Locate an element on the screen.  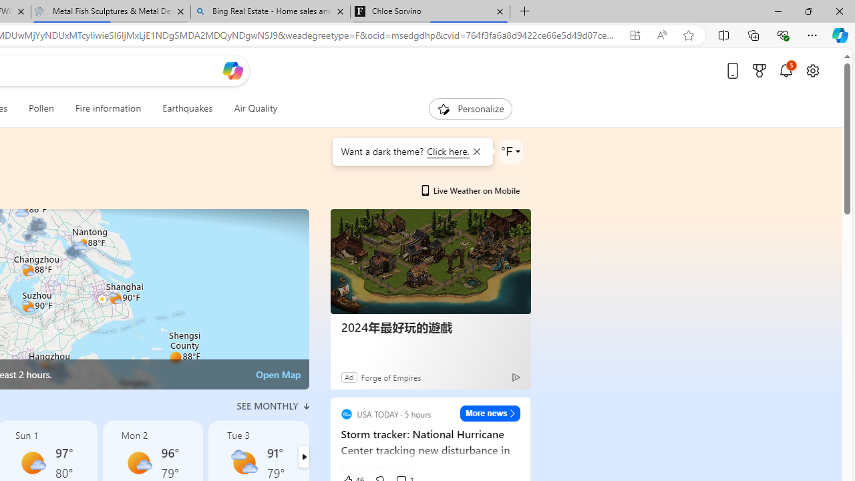
'App available. Install Microsoft Start Weather' is located at coordinates (635, 35).